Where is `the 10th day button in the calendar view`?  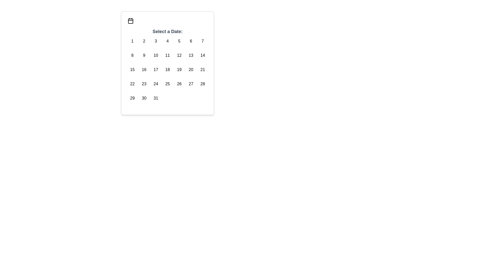
the 10th day button in the calendar view is located at coordinates (155, 56).